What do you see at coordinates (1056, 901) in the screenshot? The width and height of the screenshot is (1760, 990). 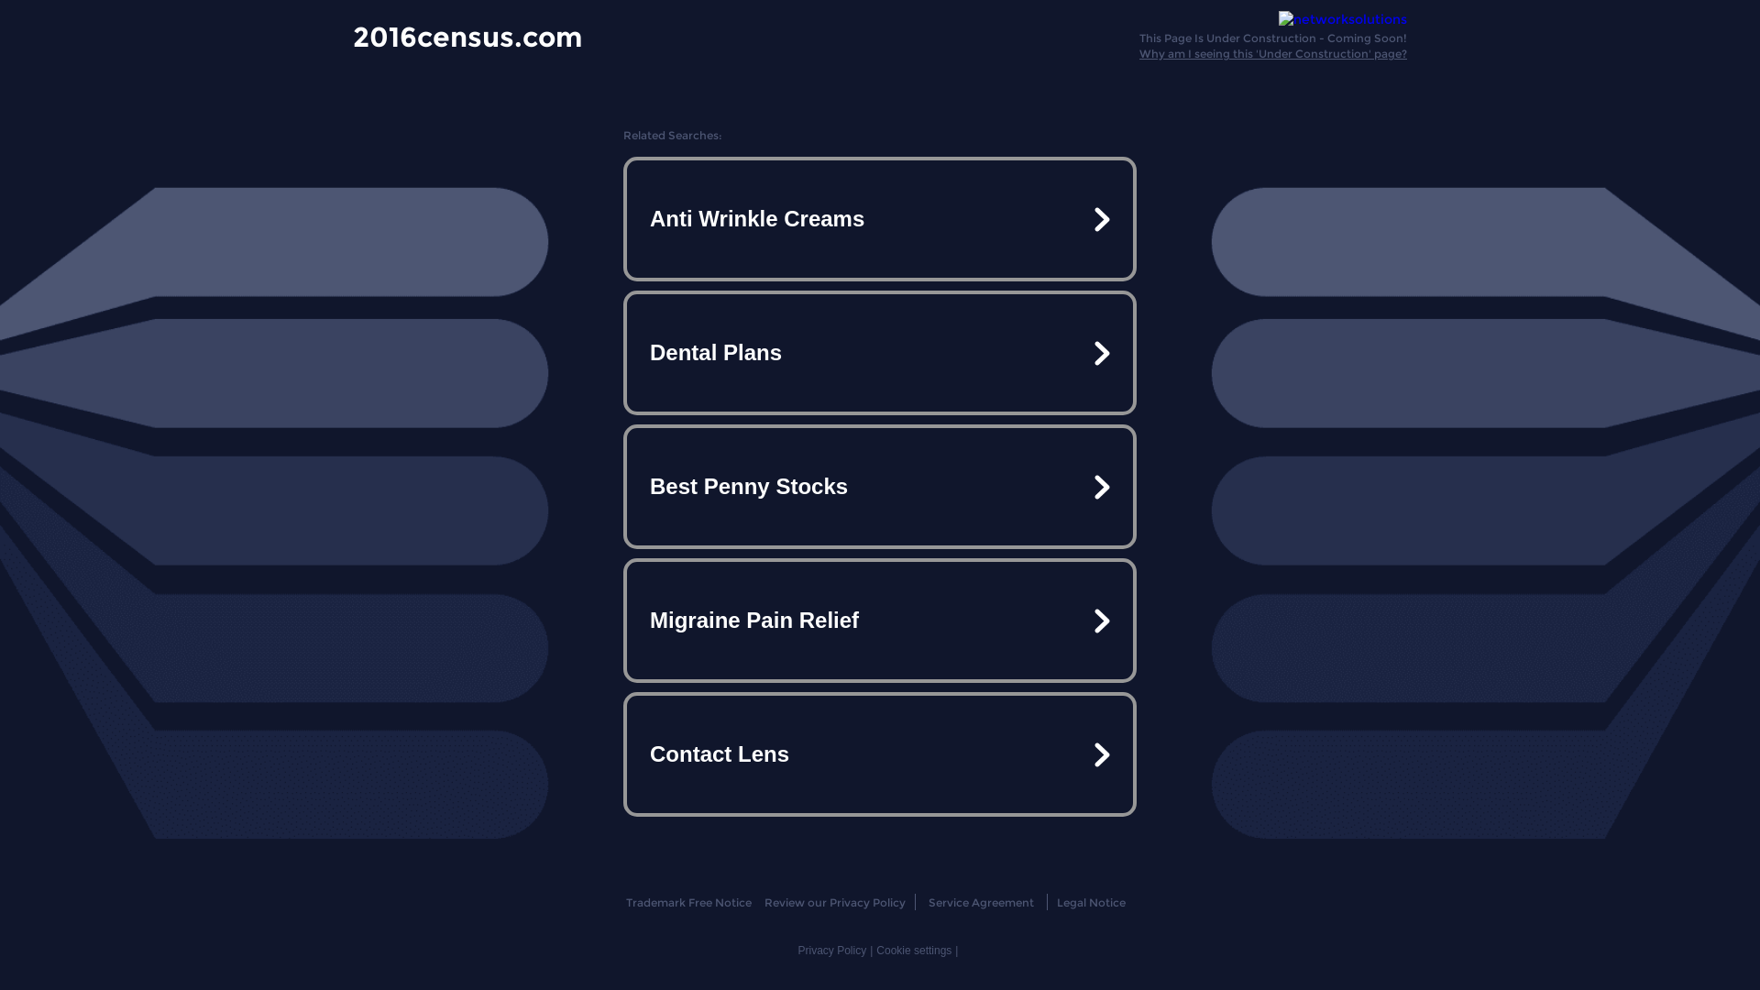 I see `'Legal Notice'` at bounding box center [1056, 901].